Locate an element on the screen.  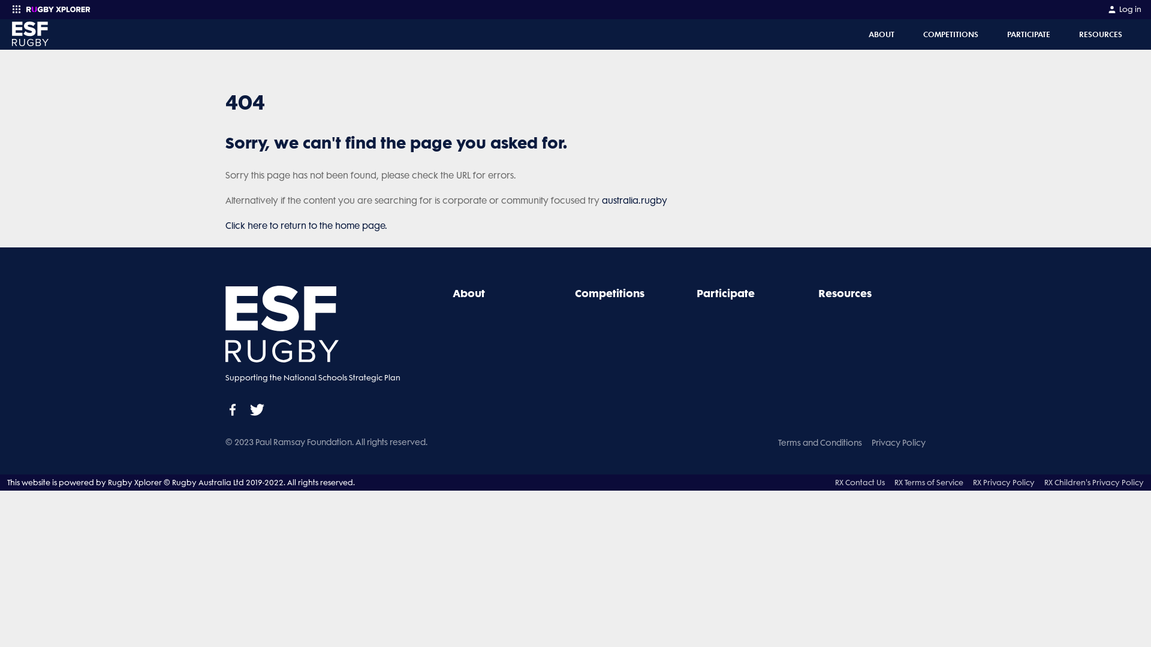
'Privacy Policy' is located at coordinates (872, 443).